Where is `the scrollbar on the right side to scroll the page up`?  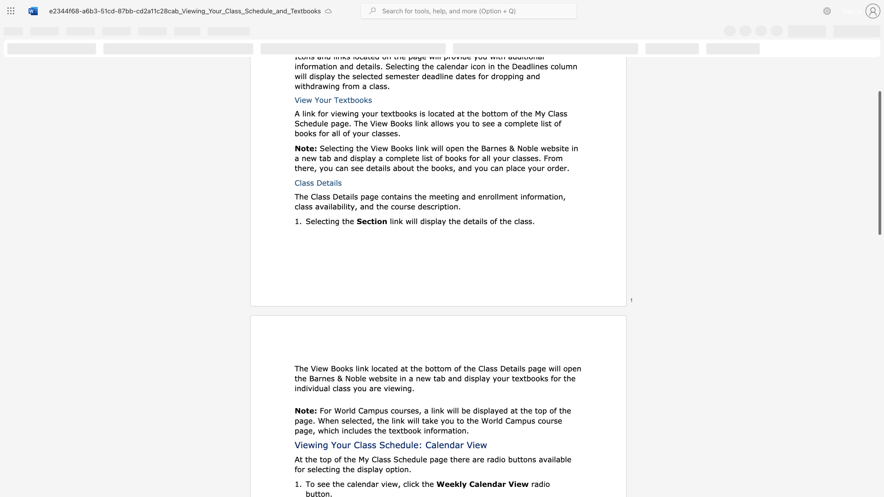 the scrollbar on the right side to scroll the page up is located at coordinates (879, 110).